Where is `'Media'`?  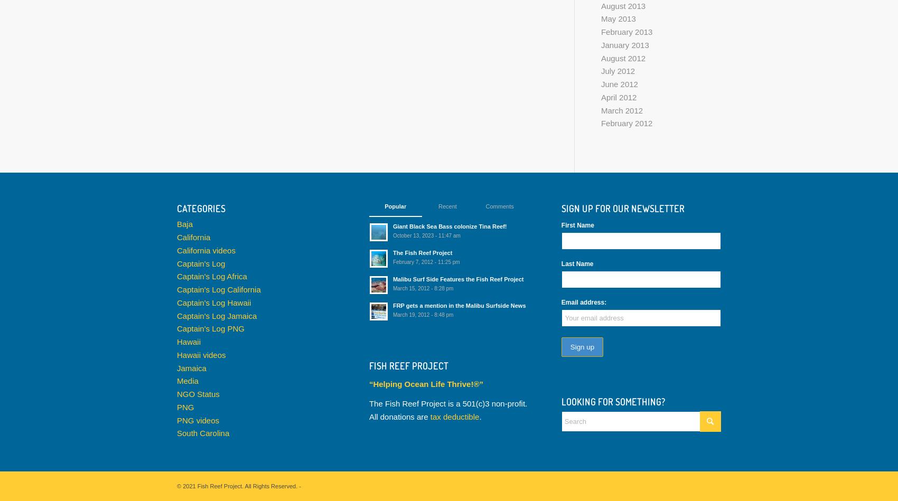 'Media' is located at coordinates (186, 381).